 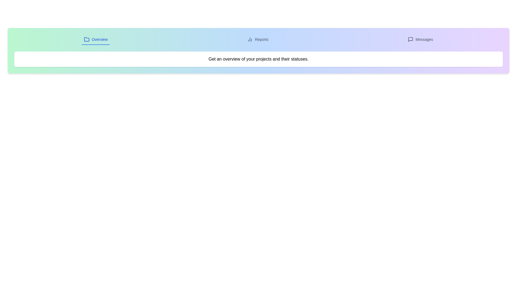 What do you see at coordinates (257, 39) in the screenshot?
I see `the Reports tab` at bounding box center [257, 39].